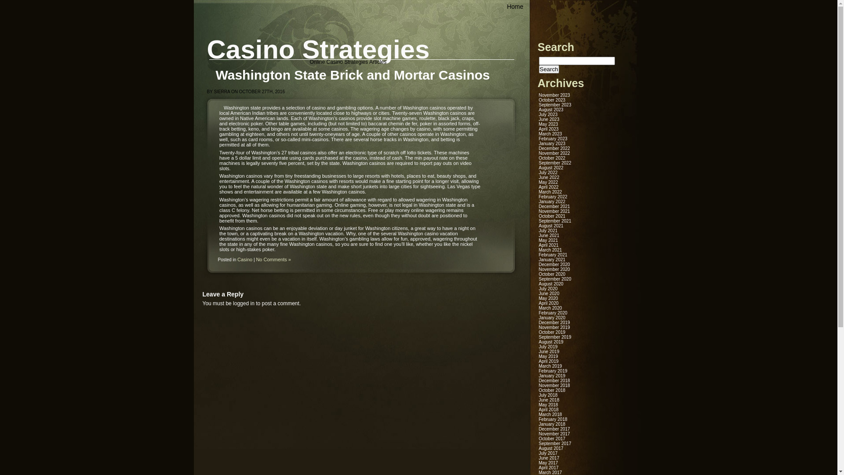 This screenshot has width=844, height=475. I want to click on 'August 2017', so click(550, 448).